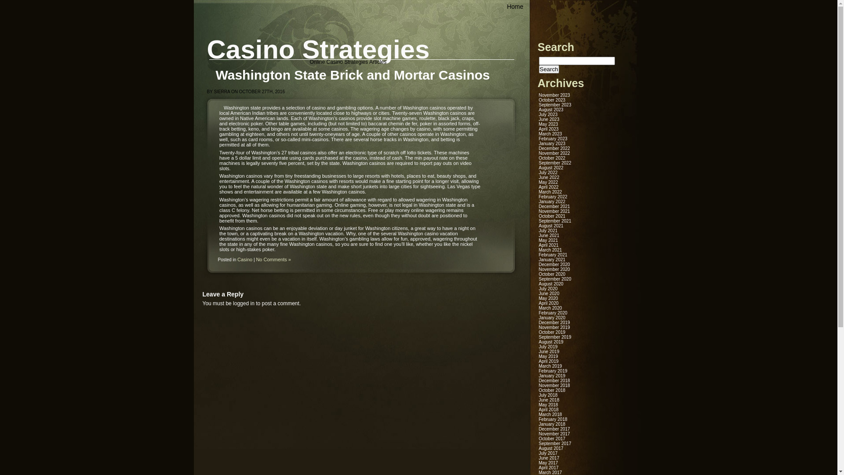 This screenshot has width=844, height=475. I want to click on 'August 2017', so click(550, 448).